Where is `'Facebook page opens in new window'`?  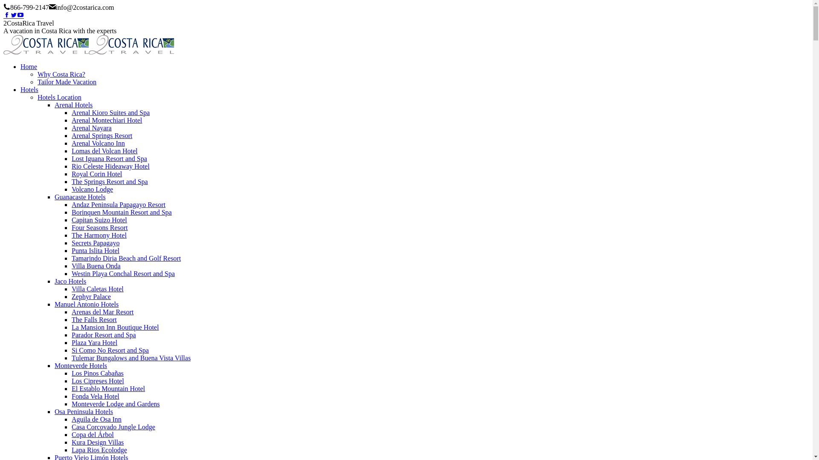 'Facebook page opens in new window' is located at coordinates (6, 15).